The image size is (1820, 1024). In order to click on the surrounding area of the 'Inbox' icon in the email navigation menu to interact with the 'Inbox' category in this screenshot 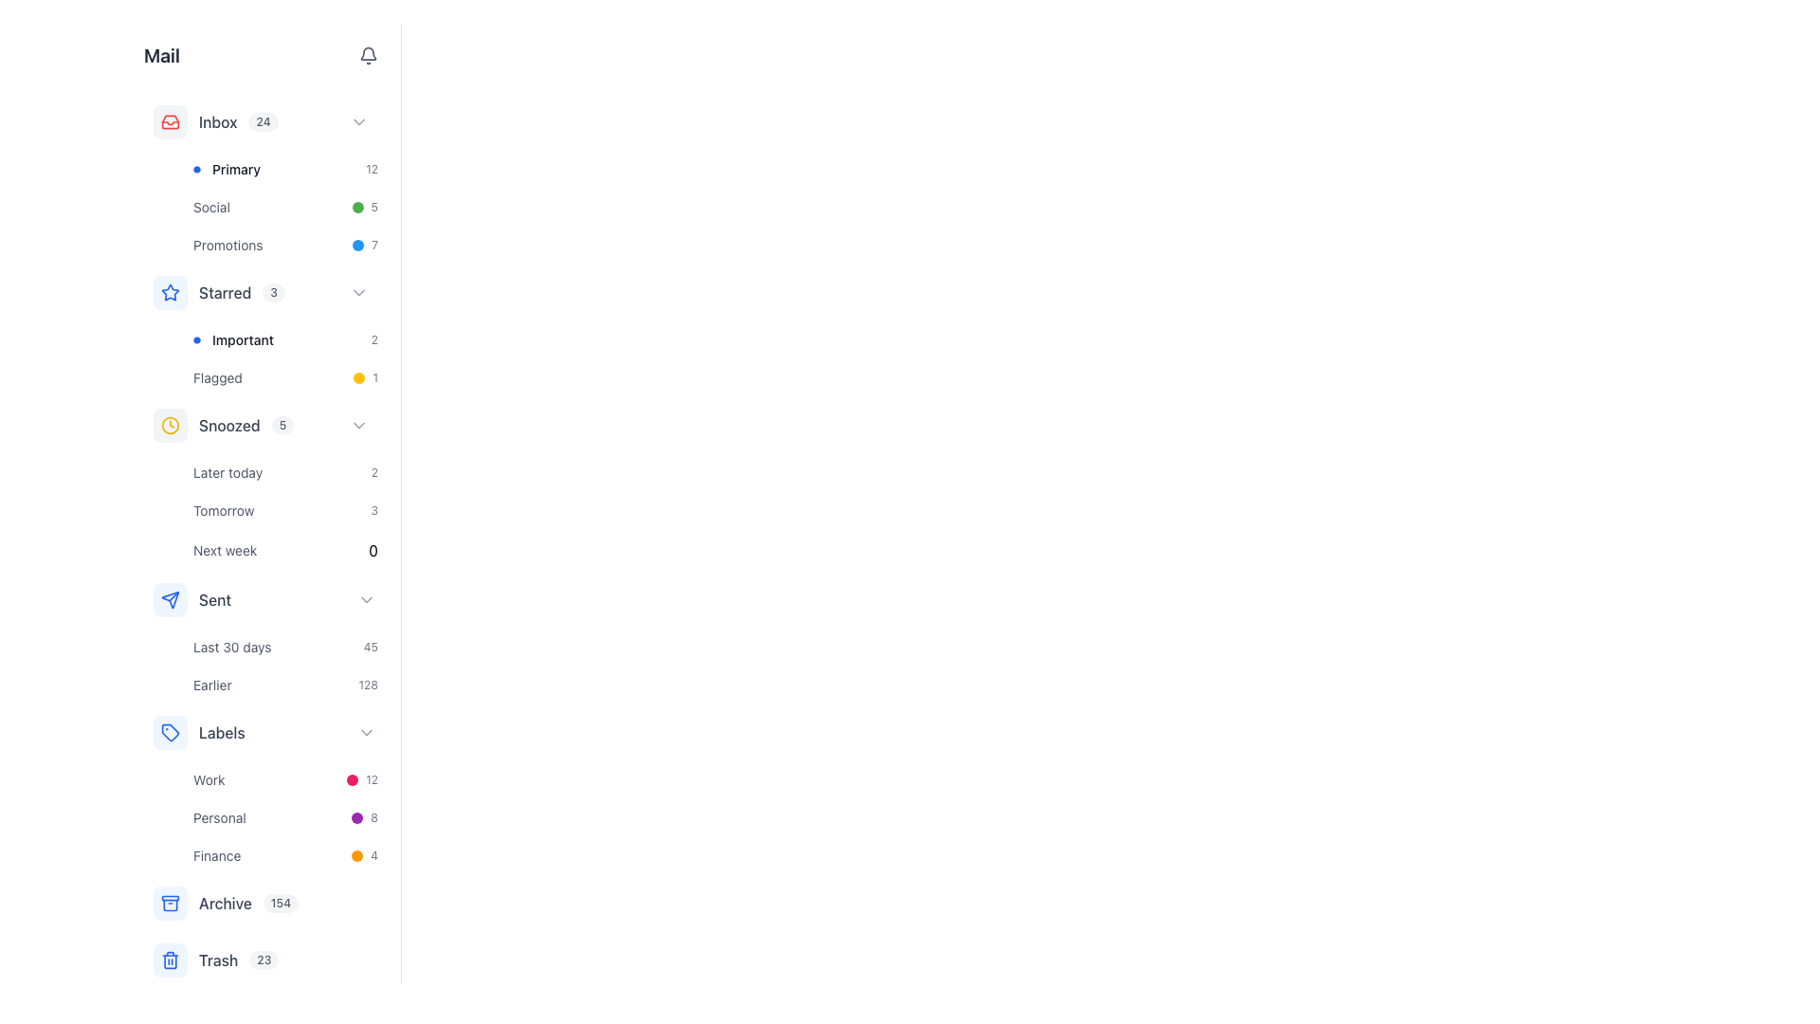, I will do `click(171, 121)`.